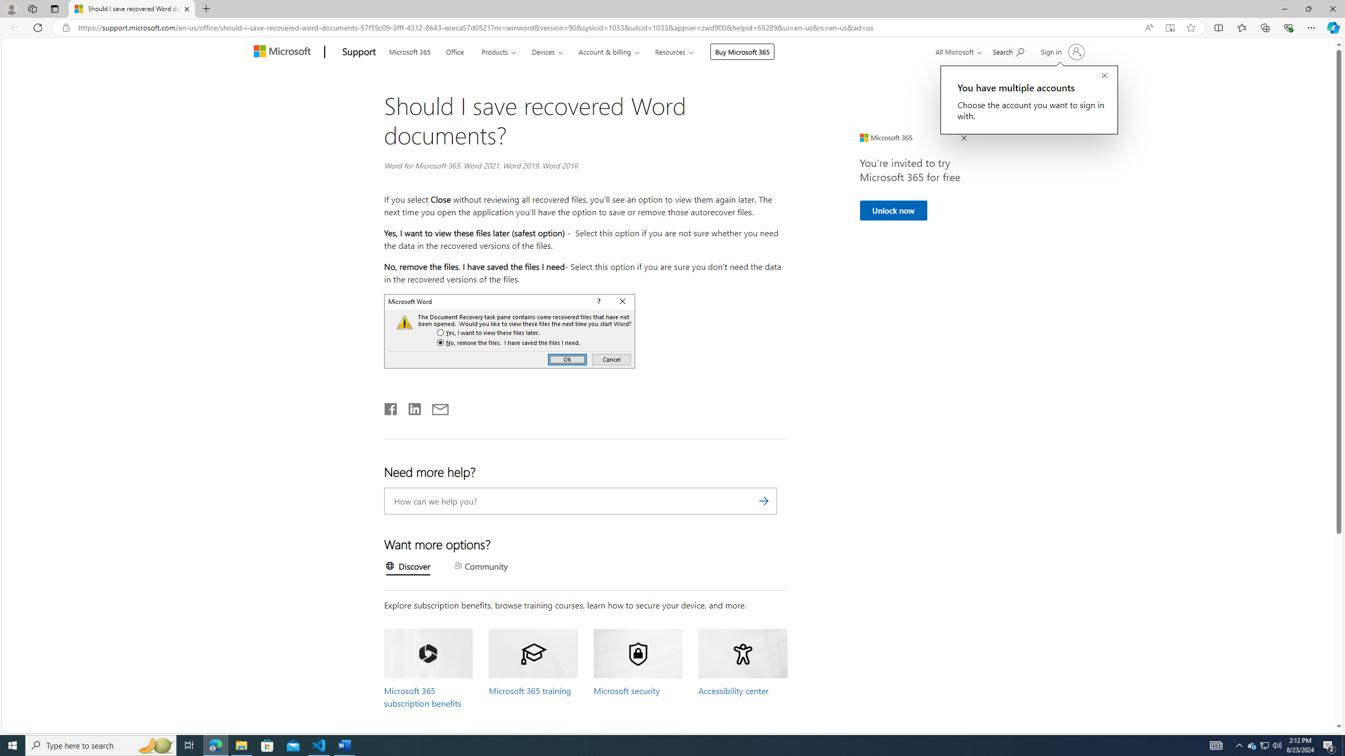 The height and width of the screenshot is (756, 1345). I want to click on 'Share on Facebook', so click(390, 407).